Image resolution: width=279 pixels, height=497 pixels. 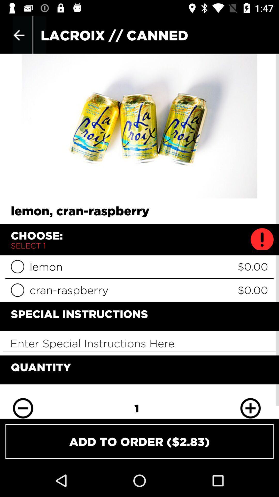 What do you see at coordinates (17, 290) in the screenshot?
I see `trigger selection` at bounding box center [17, 290].